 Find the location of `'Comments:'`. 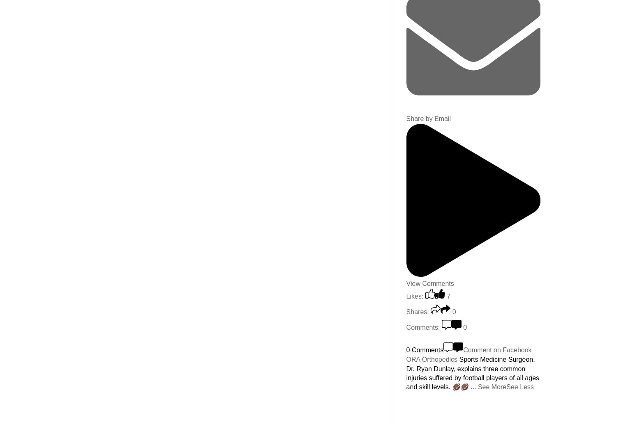

'Comments:' is located at coordinates (423, 327).